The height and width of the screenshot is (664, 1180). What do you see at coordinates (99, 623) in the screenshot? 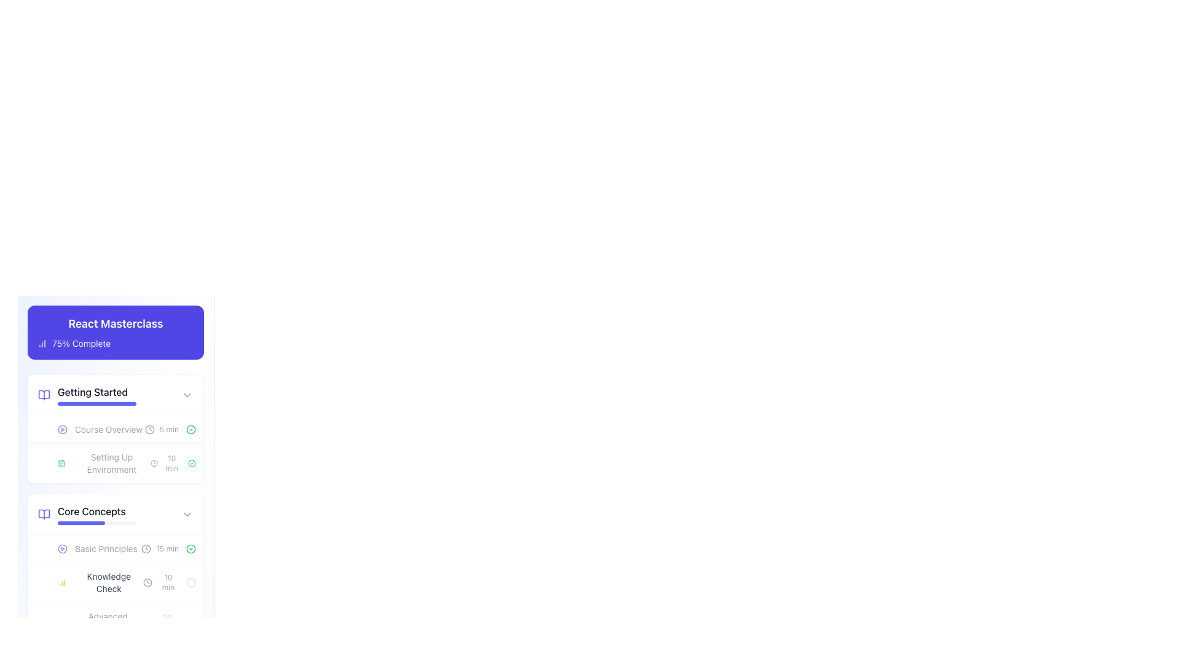
I see `the 'Advanced Topics' text label with accompanying play icon` at bounding box center [99, 623].